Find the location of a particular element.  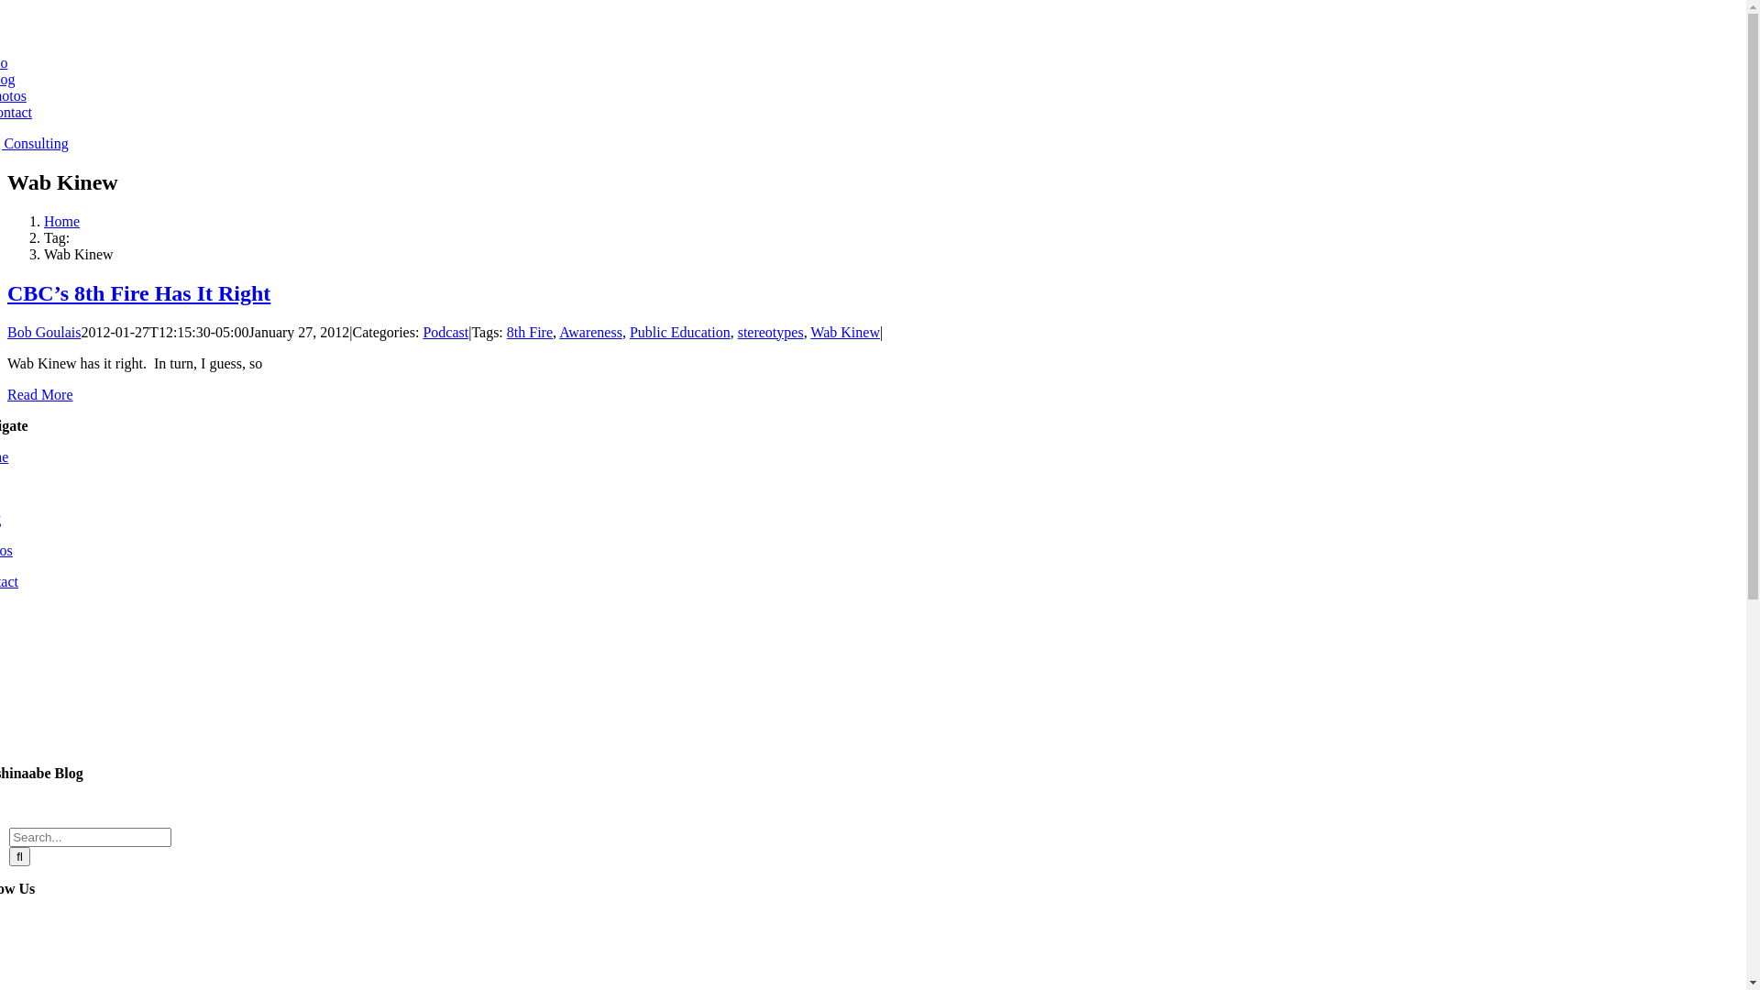

'stereotypes' is located at coordinates (770, 332).